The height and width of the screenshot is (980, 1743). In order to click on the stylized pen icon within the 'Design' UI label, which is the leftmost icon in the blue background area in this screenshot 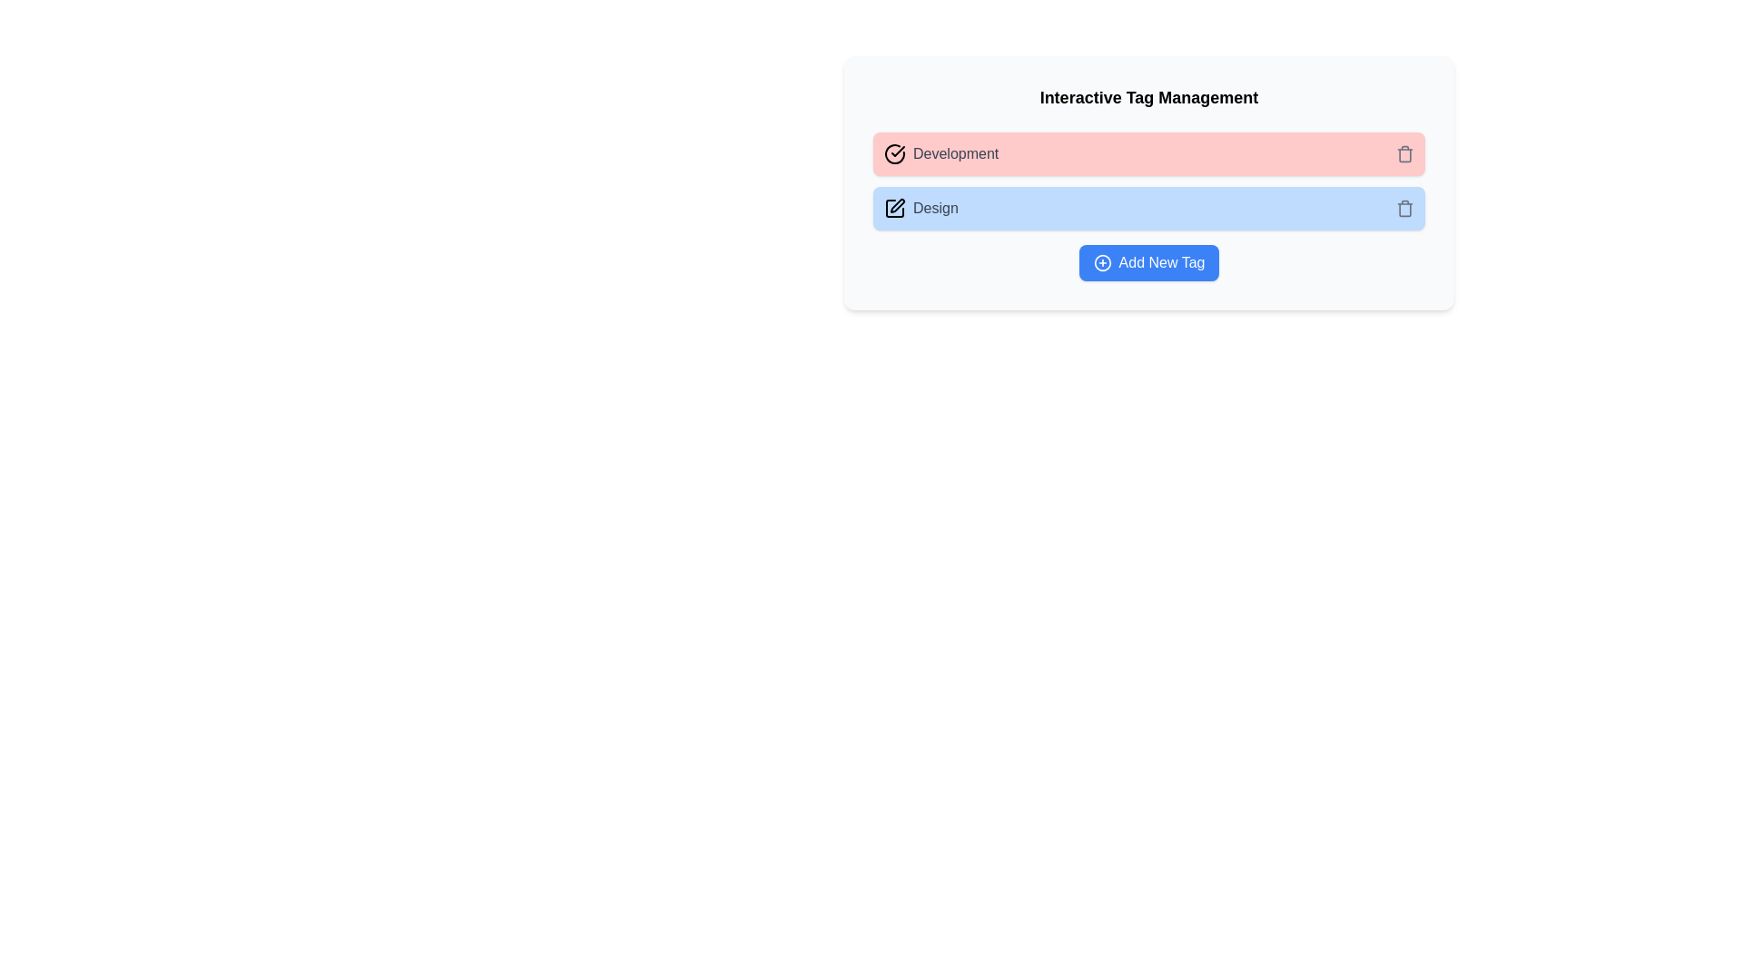, I will do `click(894, 208)`.